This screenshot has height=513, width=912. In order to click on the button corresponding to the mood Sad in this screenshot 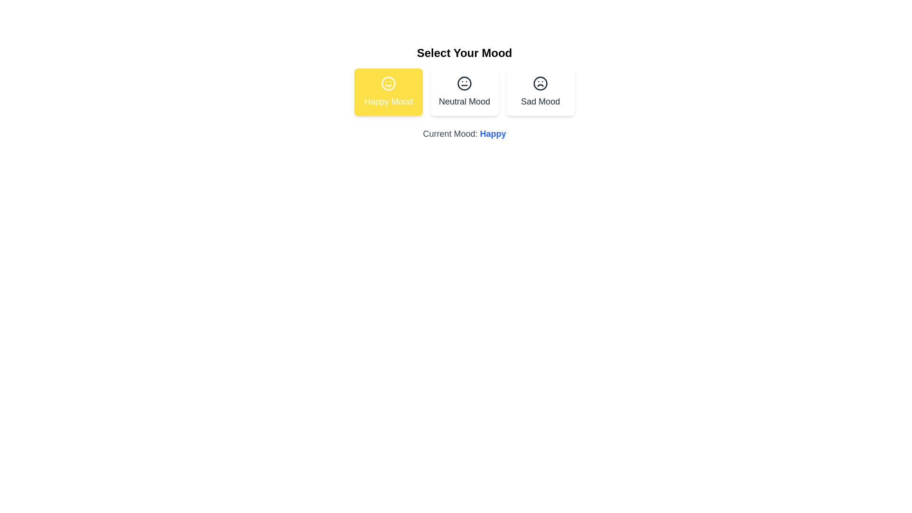, I will do `click(540, 92)`.